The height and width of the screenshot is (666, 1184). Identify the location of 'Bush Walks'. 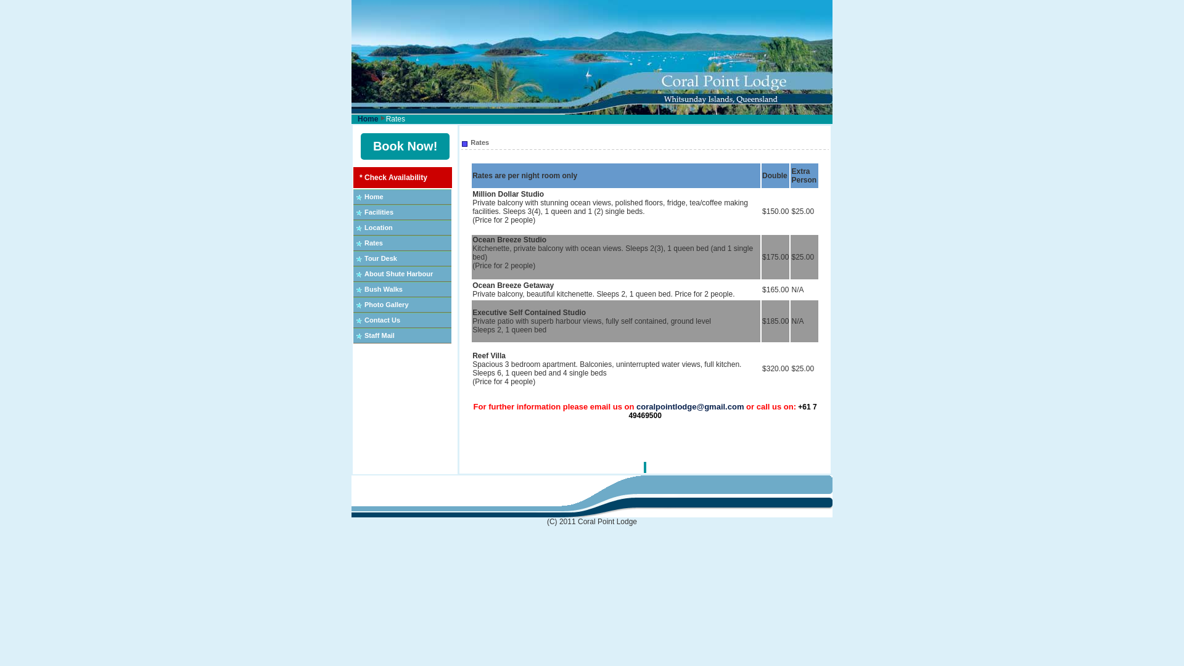
(383, 289).